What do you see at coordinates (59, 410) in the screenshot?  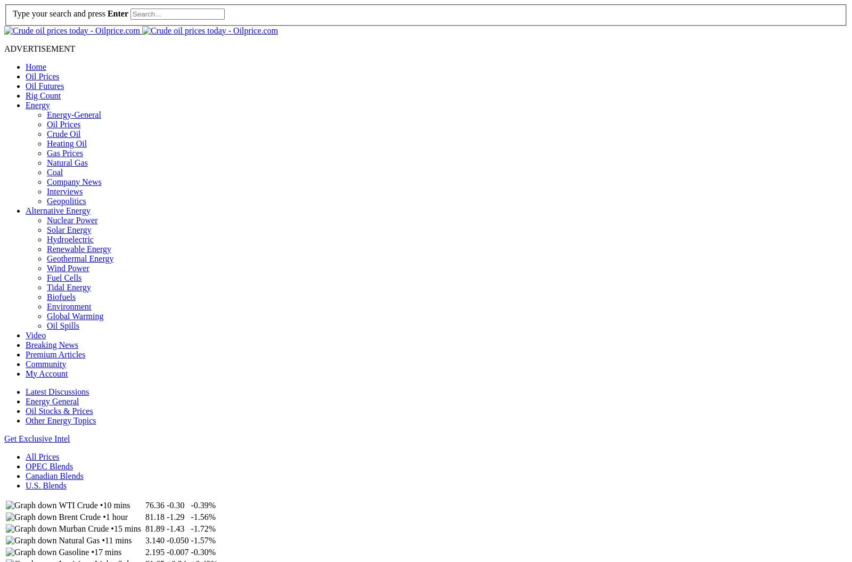 I see `'Oil Stocks & Prices'` at bounding box center [59, 410].